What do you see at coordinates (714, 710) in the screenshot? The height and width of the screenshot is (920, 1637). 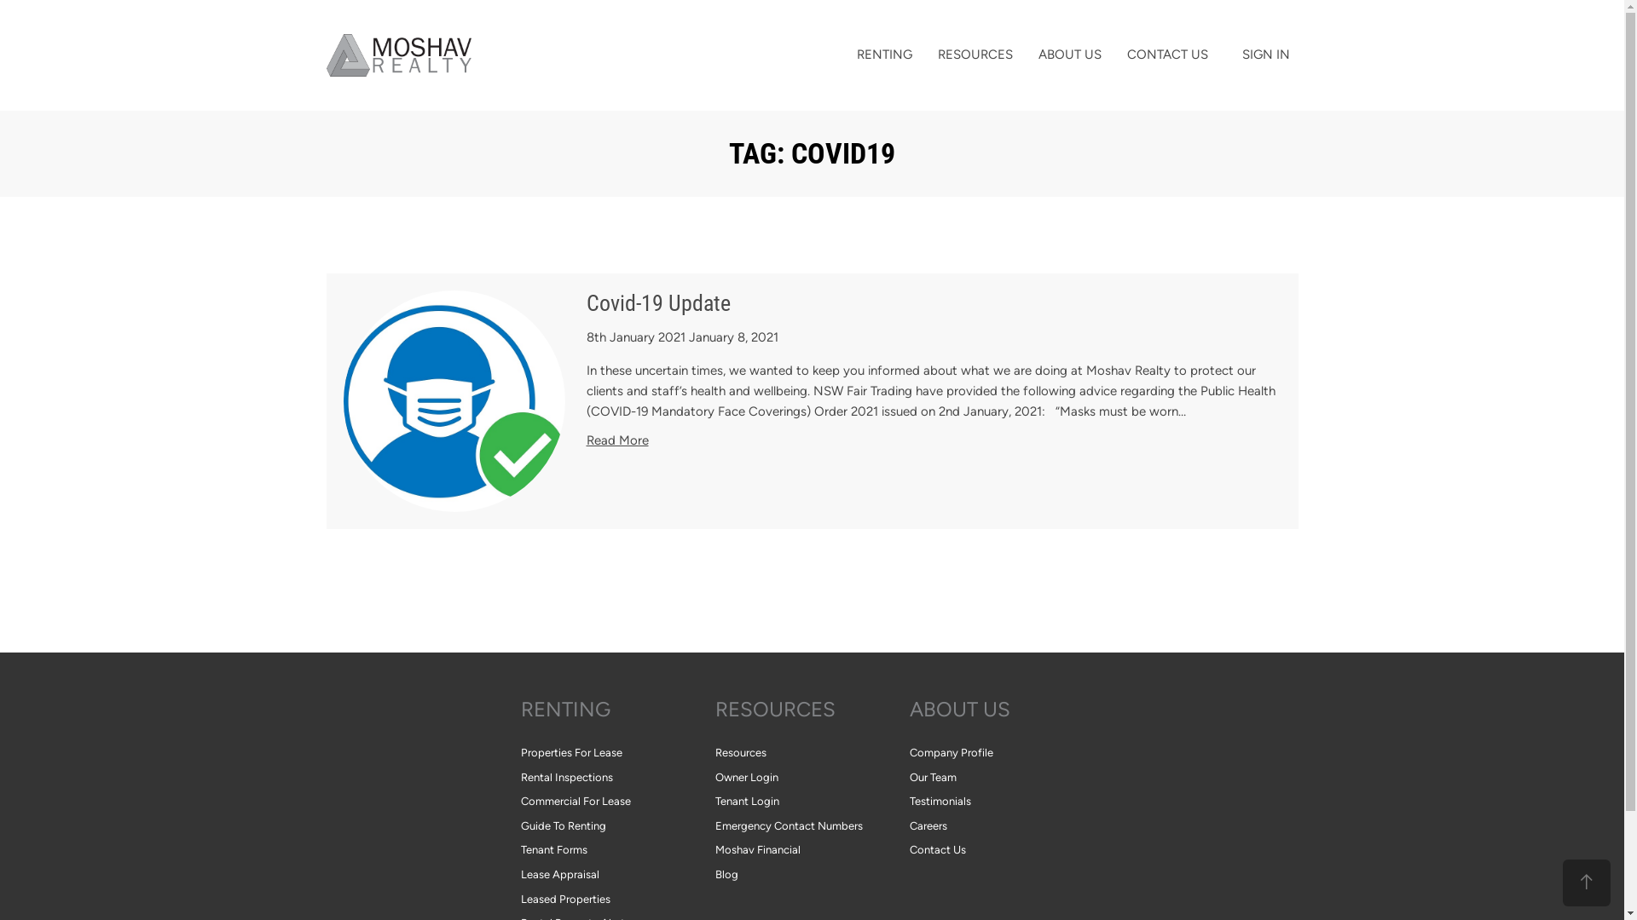 I see `'RESOURCES'` at bounding box center [714, 710].